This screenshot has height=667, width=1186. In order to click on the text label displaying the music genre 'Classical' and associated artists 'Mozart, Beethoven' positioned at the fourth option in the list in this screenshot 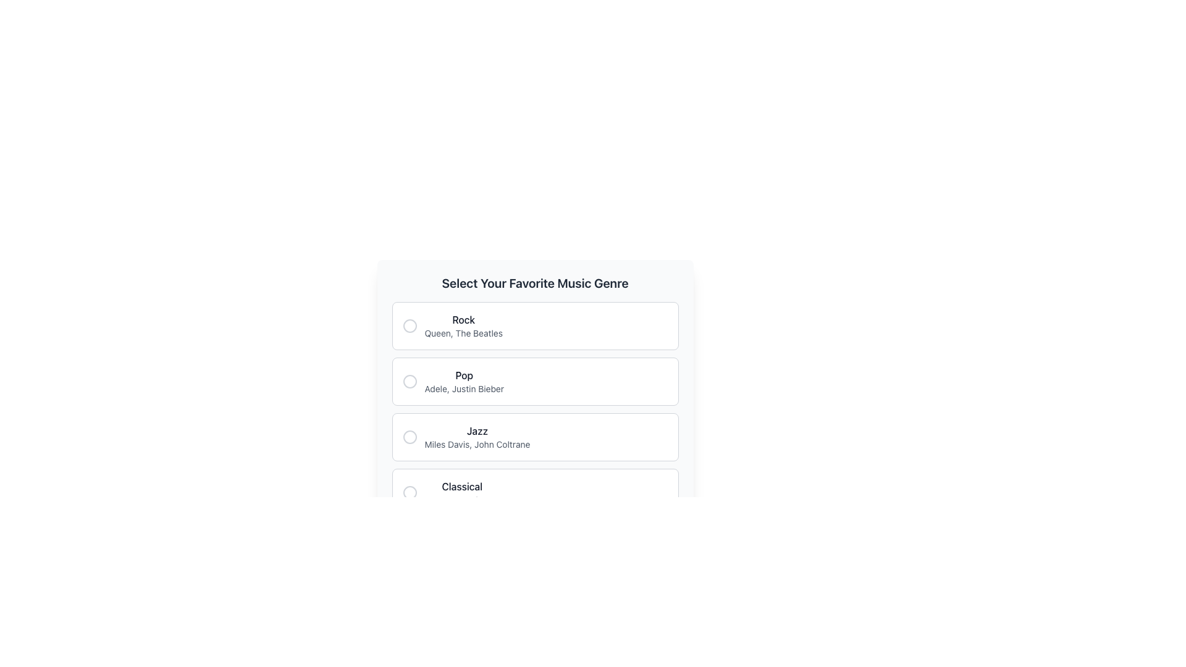, I will do `click(461, 492)`.